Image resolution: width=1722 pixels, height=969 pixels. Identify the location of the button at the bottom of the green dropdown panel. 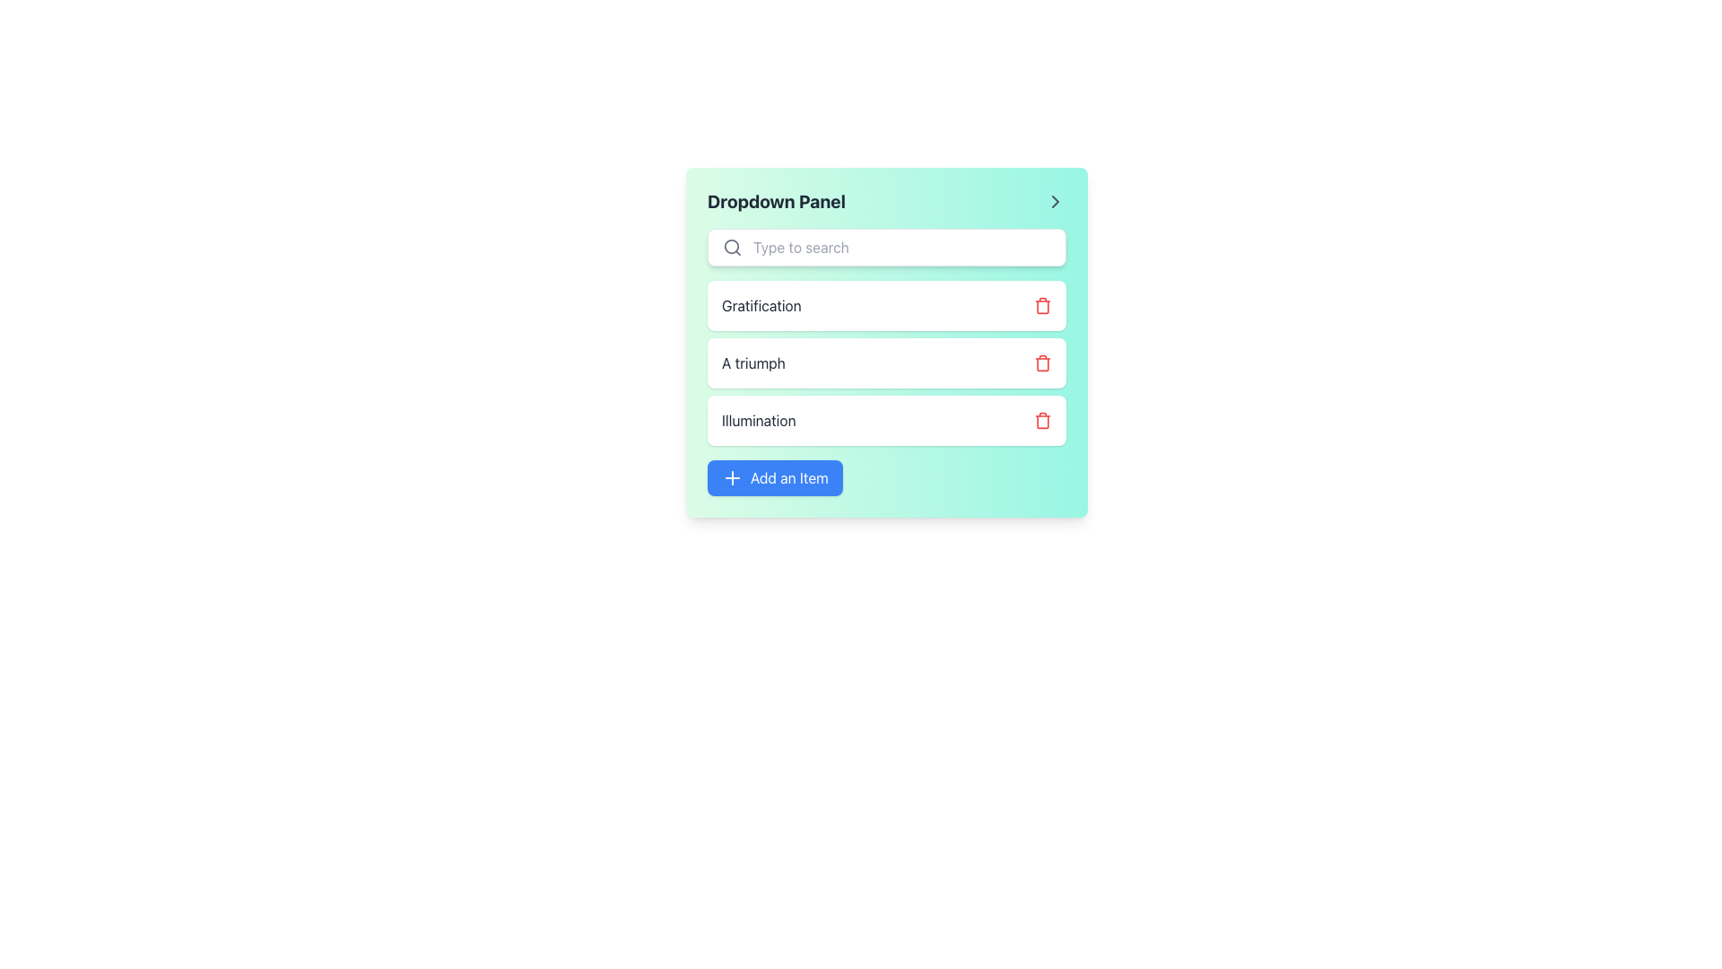
(775, 476).